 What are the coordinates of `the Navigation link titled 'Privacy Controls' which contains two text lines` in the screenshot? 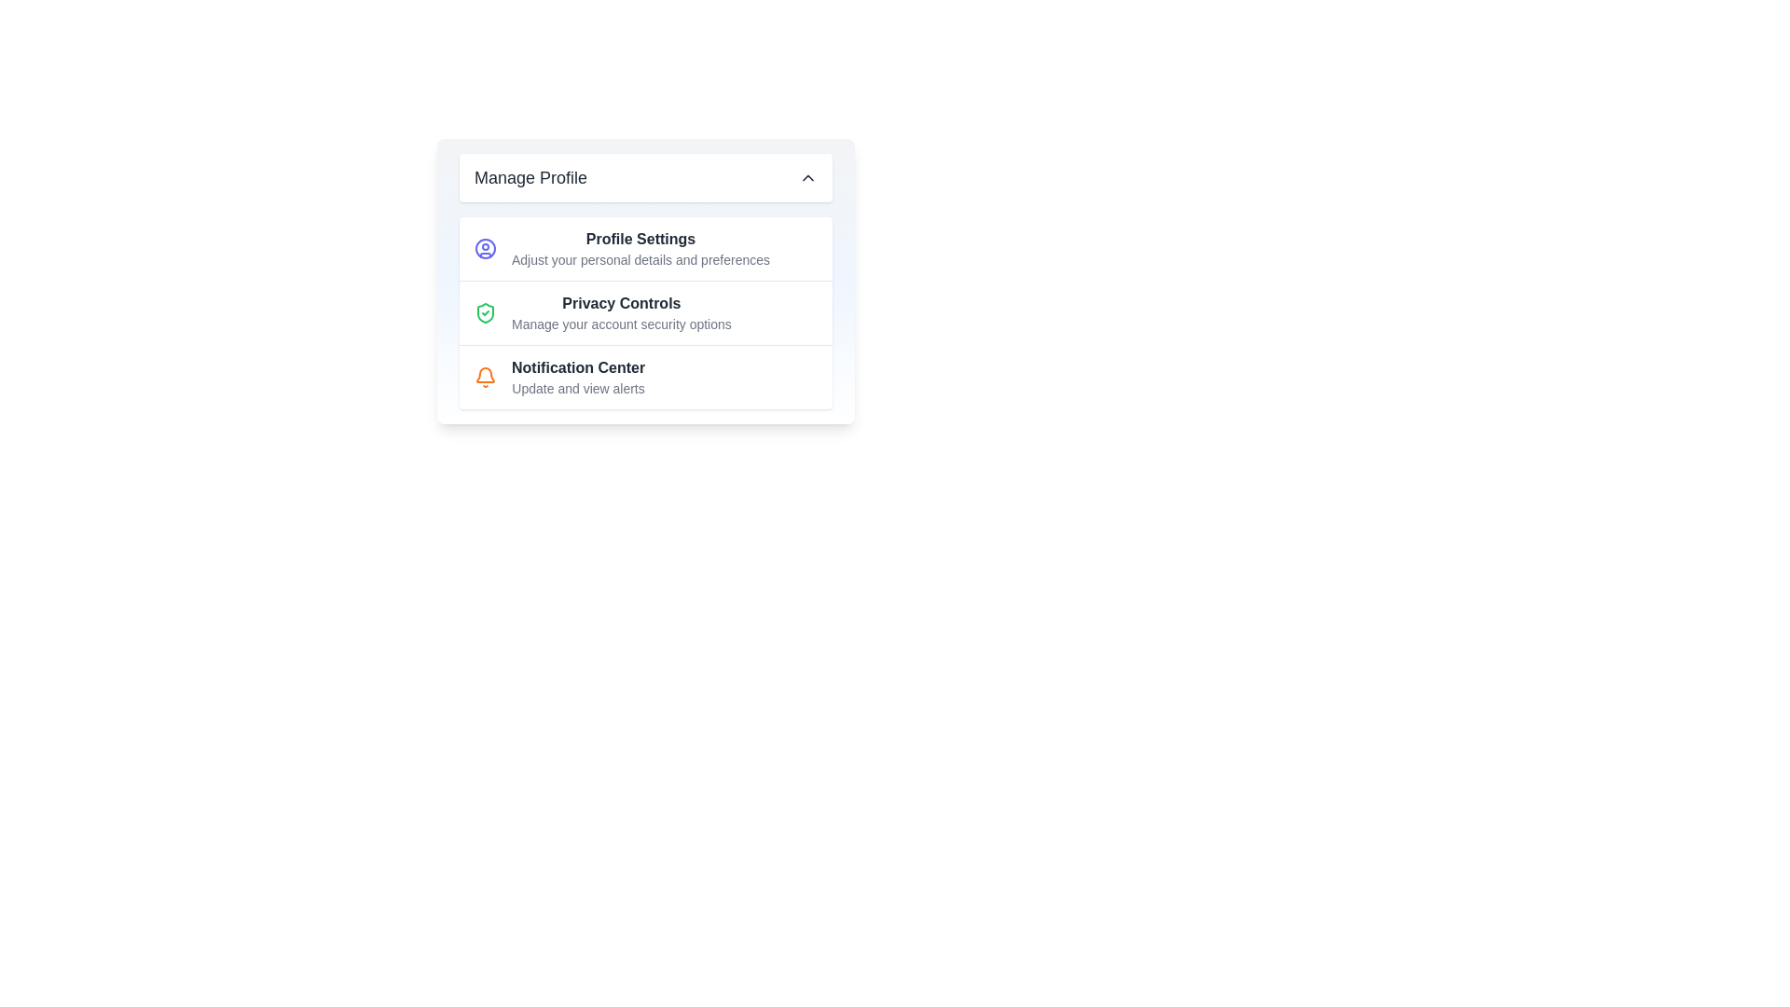 It's located at (621, 311).